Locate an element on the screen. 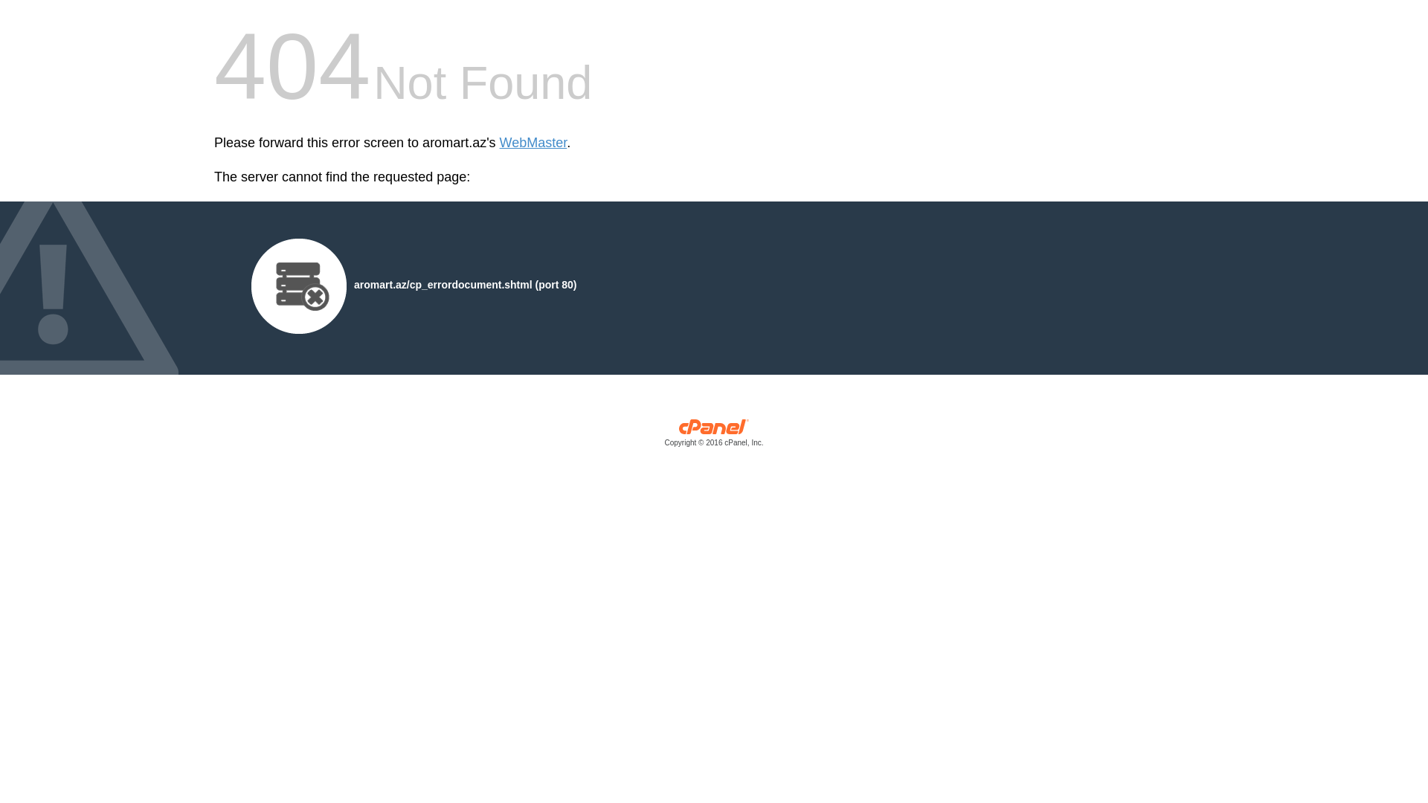  'WebMaster' is located at coordinates (500, 143).